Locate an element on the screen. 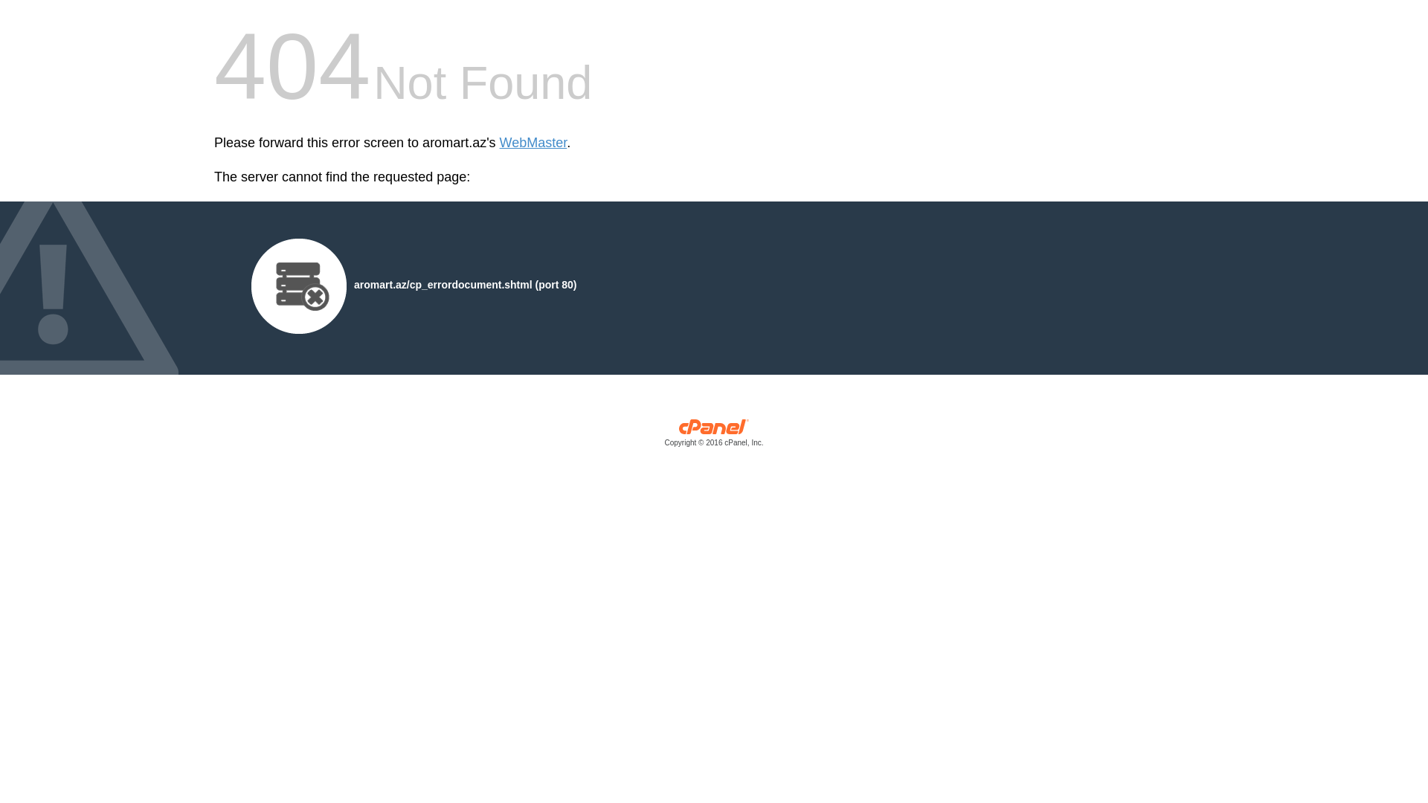  'WebMaster' is located at coordinates (500, 143).